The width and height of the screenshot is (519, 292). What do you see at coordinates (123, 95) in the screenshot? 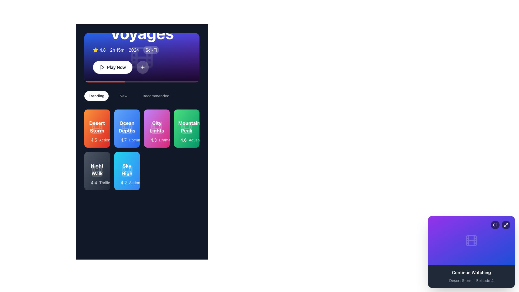
I see `the small button labeled 'New' that is located centrally between the 'Trending' and 'Recommended' items in the navigation area` at bounding box center [123, 95].